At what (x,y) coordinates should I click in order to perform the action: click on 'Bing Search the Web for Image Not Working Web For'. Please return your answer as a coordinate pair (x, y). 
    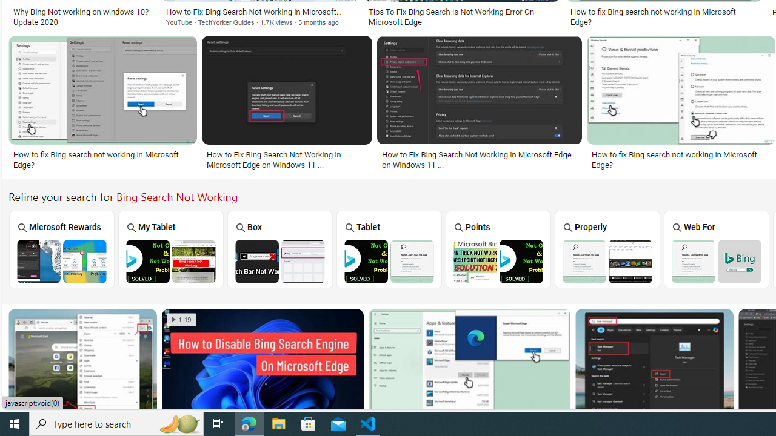
    Looking at the image, I should click on (717, 248).